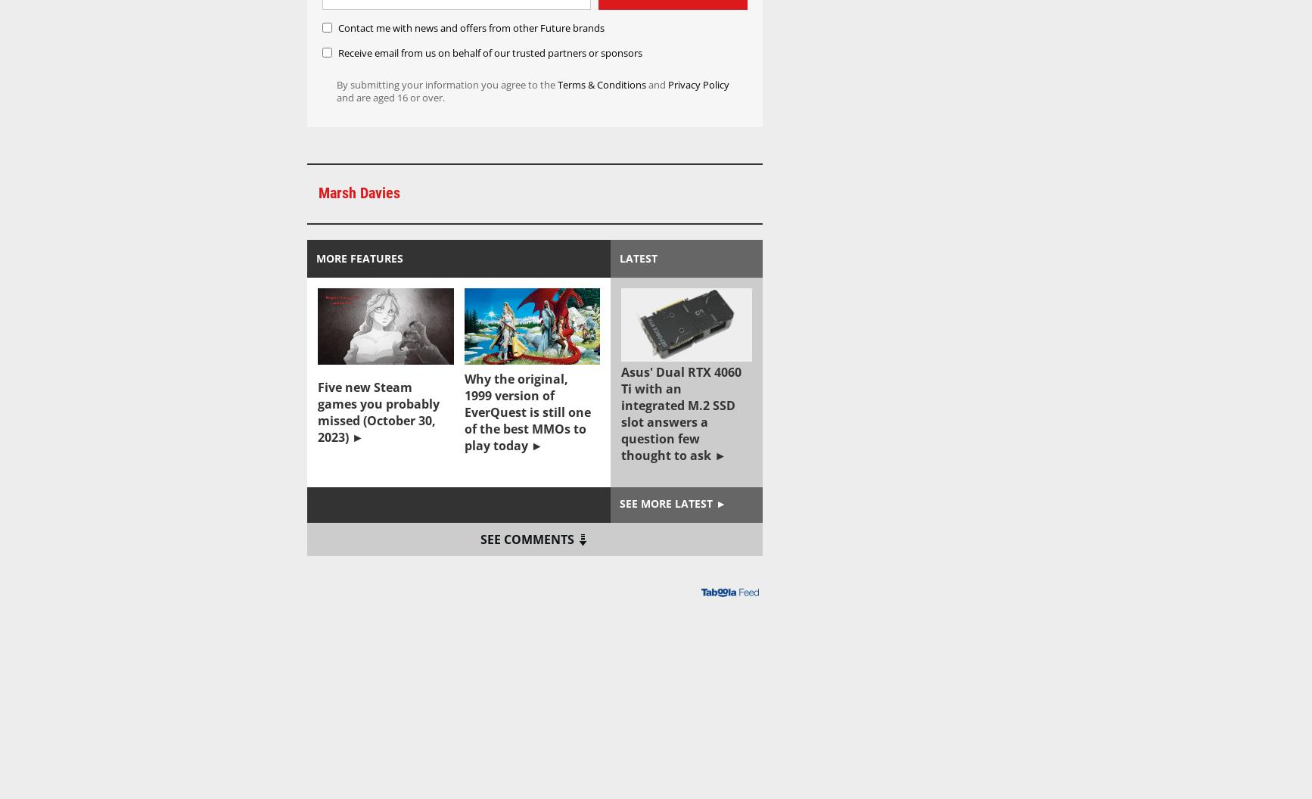 Image resolution: width=1312 pixels, height=799 pixels. What do you see at coordinates (526, 412) in the screenshot?
I see `'Why the original, 1999 version of EverQuest is still one of the best MMOs to play today'` at bounding box center [526, 412].